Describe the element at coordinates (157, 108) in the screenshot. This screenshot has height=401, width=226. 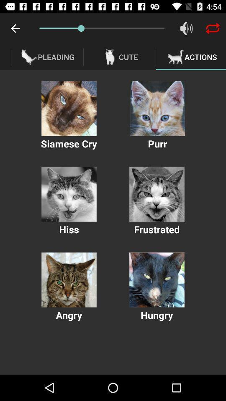
I see `sound` at that location.